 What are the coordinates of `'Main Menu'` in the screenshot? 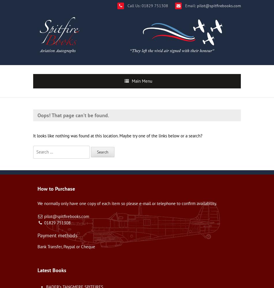 It's located at (132, 81).